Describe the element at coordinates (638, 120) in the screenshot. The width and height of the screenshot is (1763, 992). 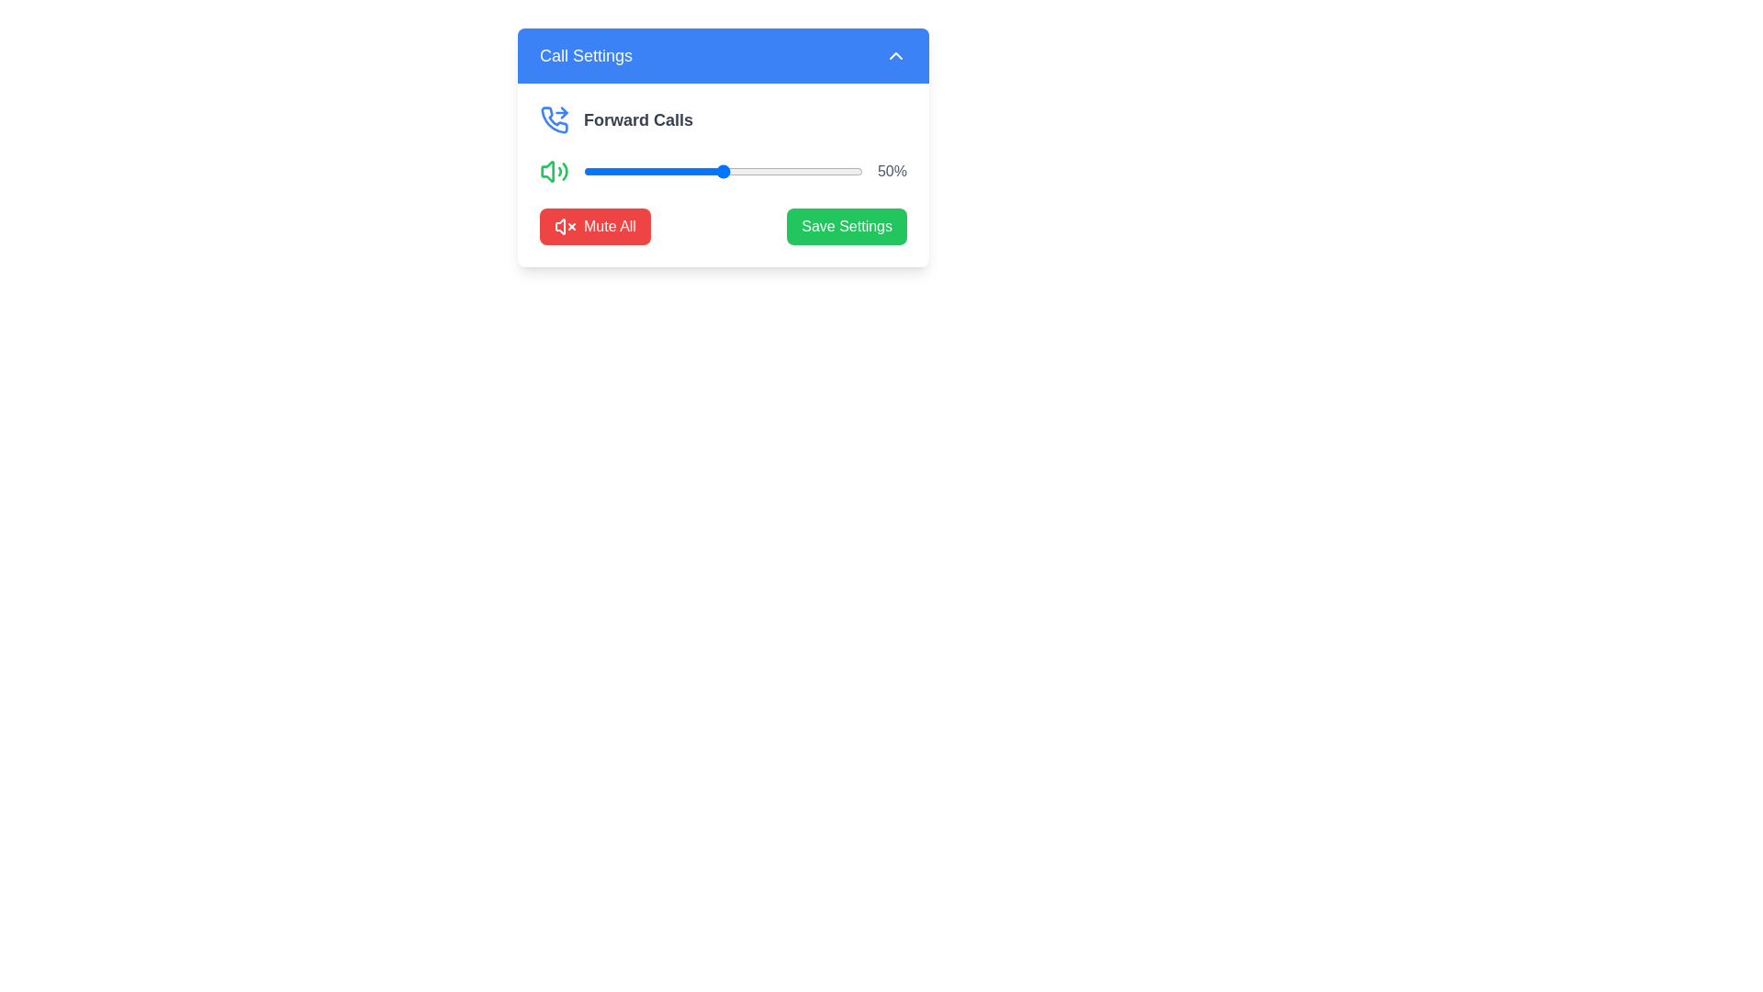
I see `the non-interactive text label that describes the call forwarding feature, located in the top section of the settings panel, next to the blue phone-forwarding icon` at that location.